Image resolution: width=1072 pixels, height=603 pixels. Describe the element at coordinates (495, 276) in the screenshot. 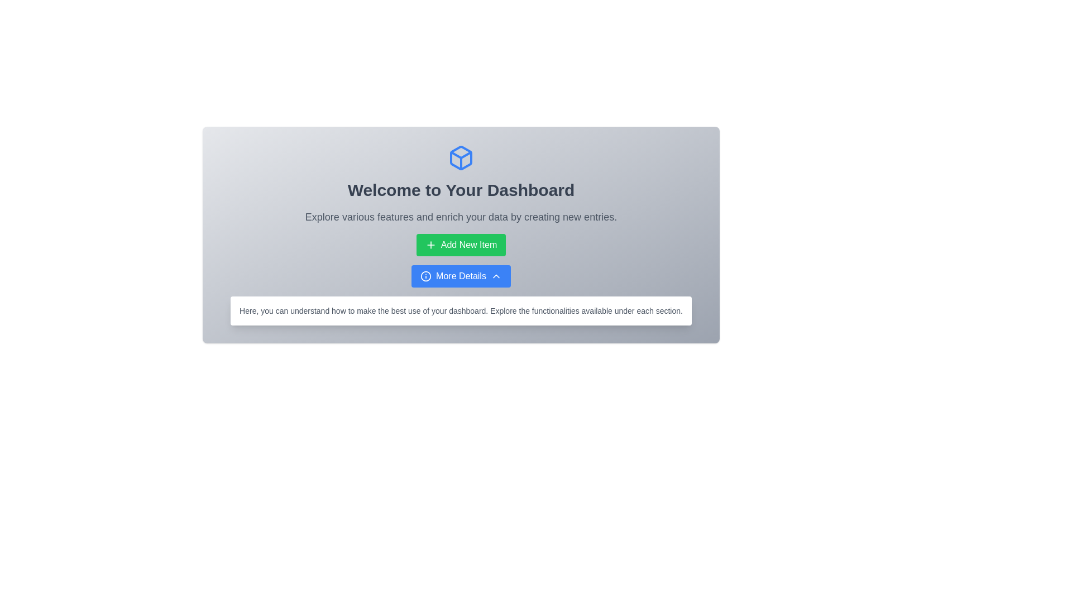

I see `the 'More Details' button which contains a downward-facing chevron icon on its right side` at that location.